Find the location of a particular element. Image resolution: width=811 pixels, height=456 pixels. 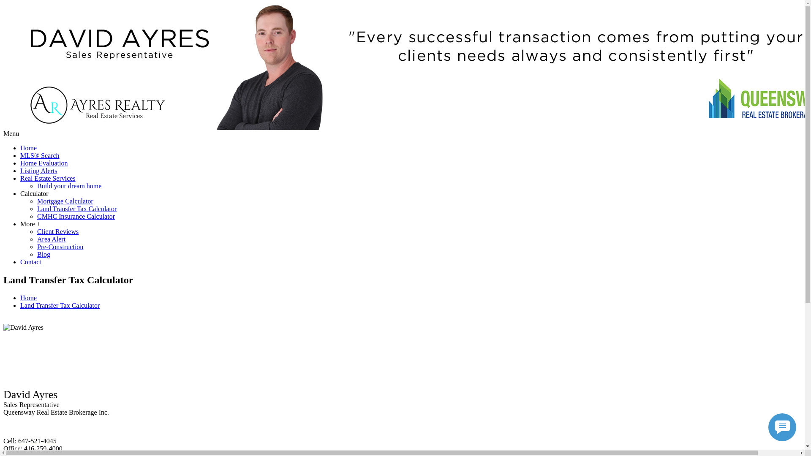

'Mortgage Calculator' is located at coordinates (36, 201).